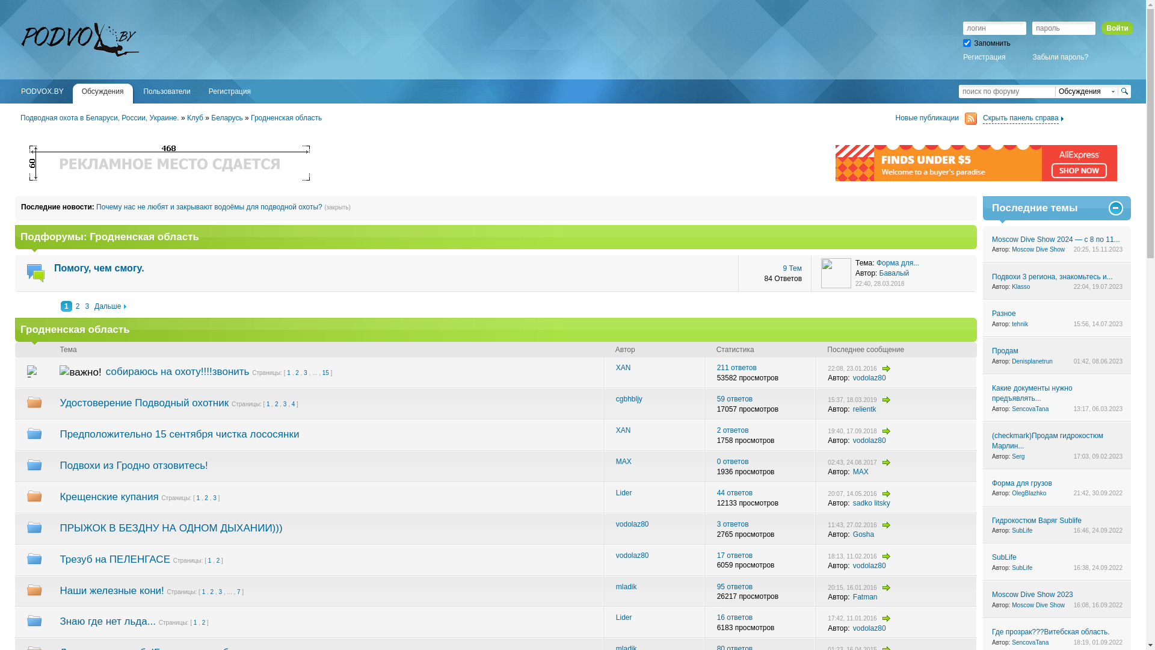  What do you see at coordinates (239, 591) in the screenshot?
I see `'7'` at bounding box center [239, 591].